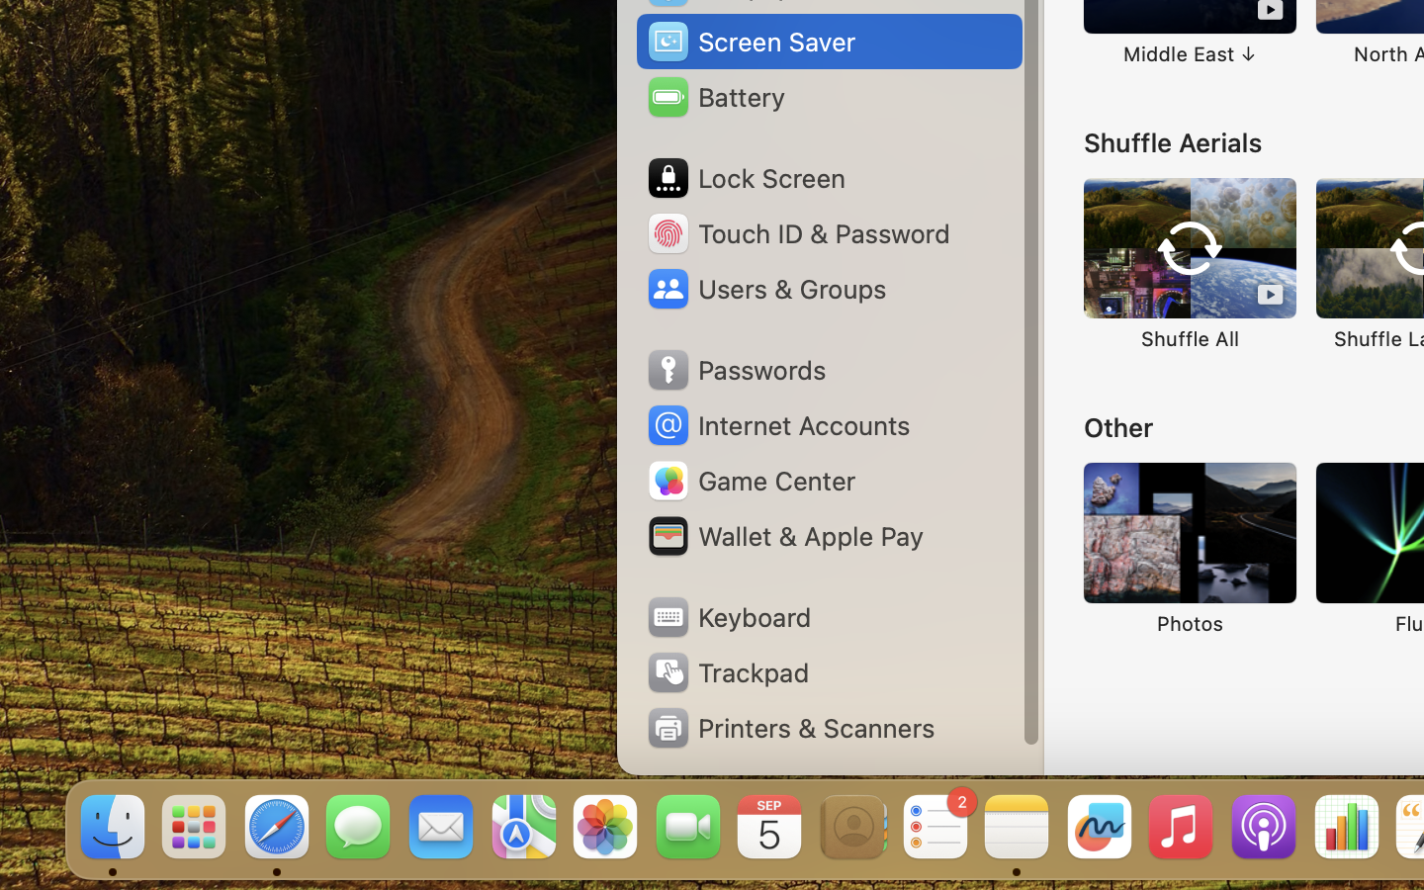 This screenshot has height=890, width=1424. I want to click on 'Internet Accounts', so click(776, 425).